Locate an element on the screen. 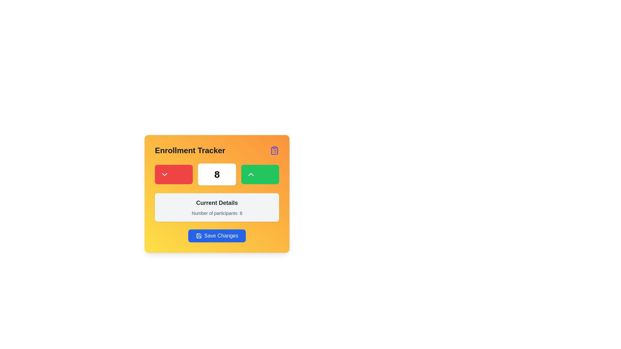  the save button, which features a save disk icon on the left of the 'Save Changes' text is located at coordinates (198, 236).